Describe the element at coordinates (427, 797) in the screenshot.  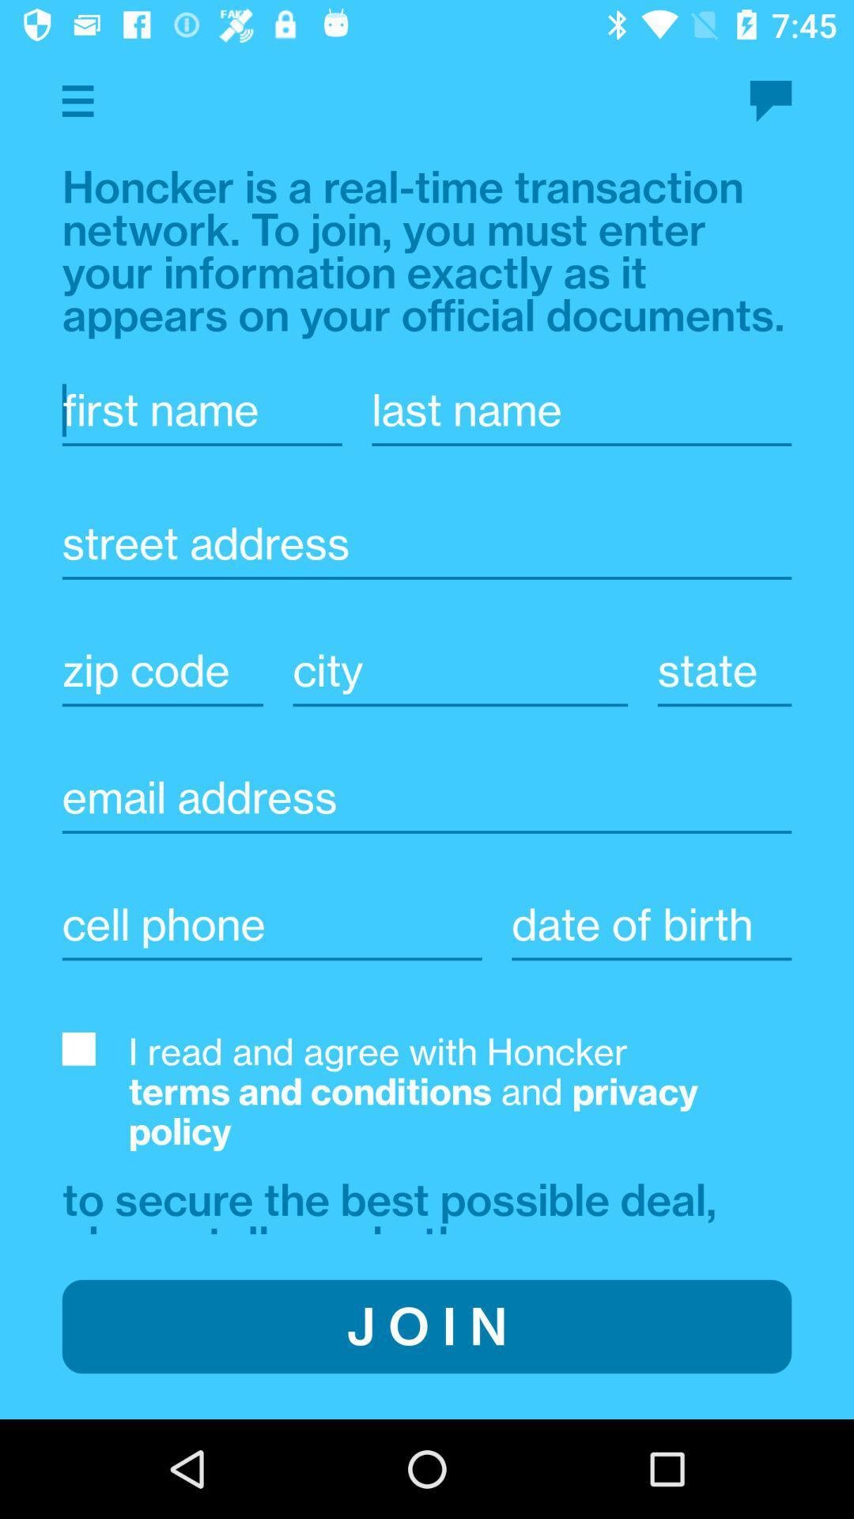
I see `email address space` at that location.